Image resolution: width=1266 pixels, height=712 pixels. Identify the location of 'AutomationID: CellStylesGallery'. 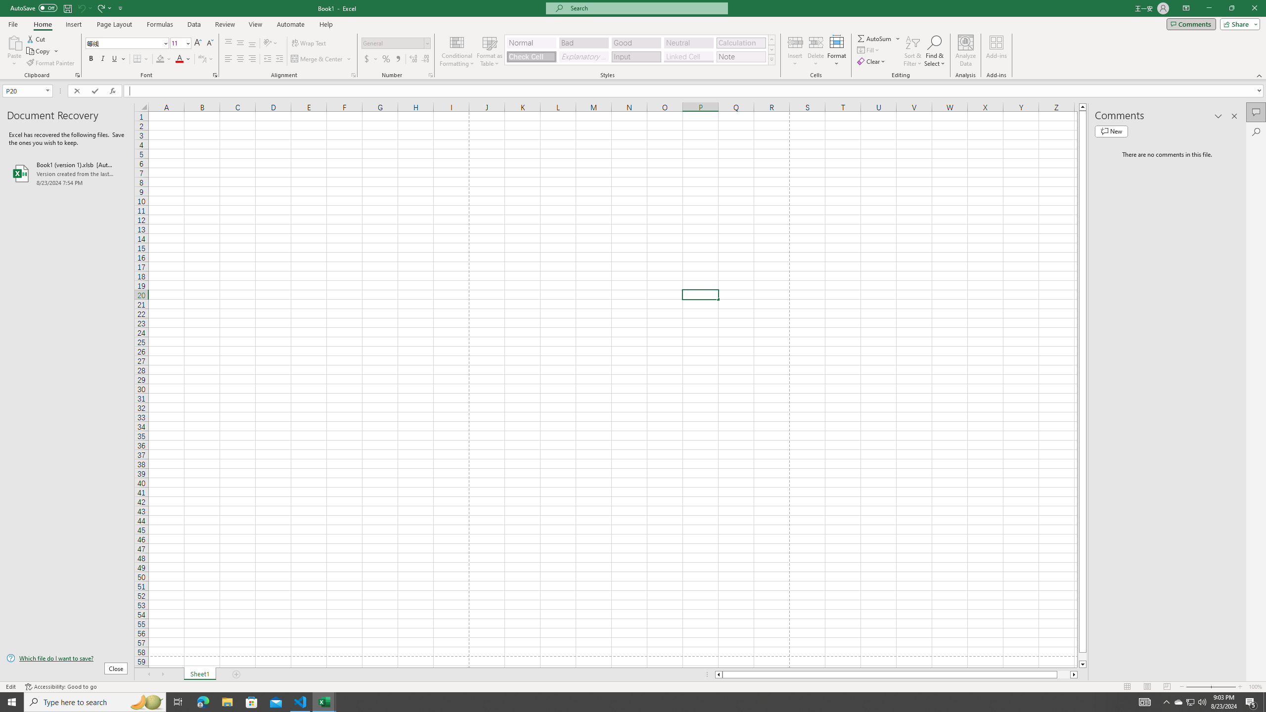
(640, 49).